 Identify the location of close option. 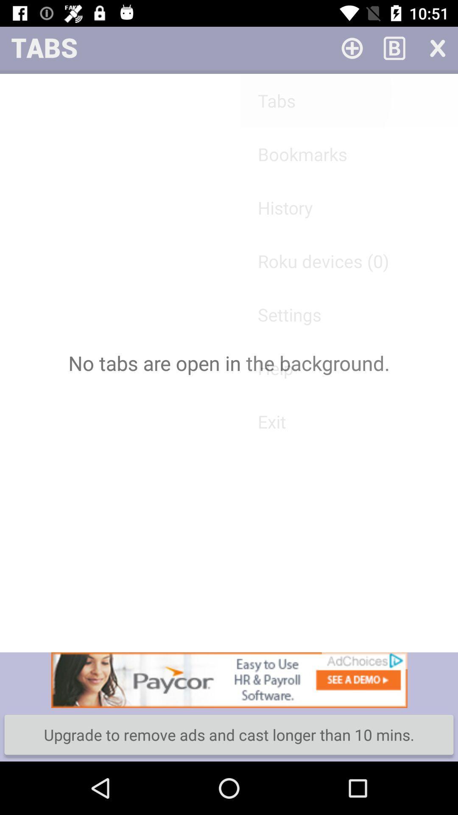
(437, 47).